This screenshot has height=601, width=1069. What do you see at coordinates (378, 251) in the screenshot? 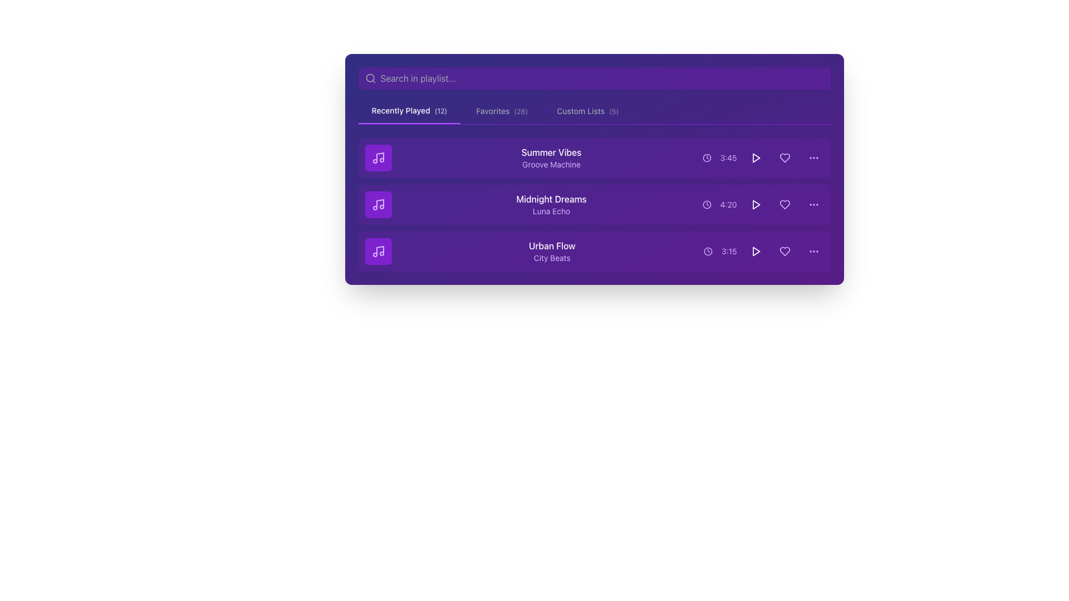
I see `the musical note icon, which is styled with a purple hue and located in a rounded square at the bottom of the vertical list of icons on the left side of the interface` at bounding box center [378, 251].